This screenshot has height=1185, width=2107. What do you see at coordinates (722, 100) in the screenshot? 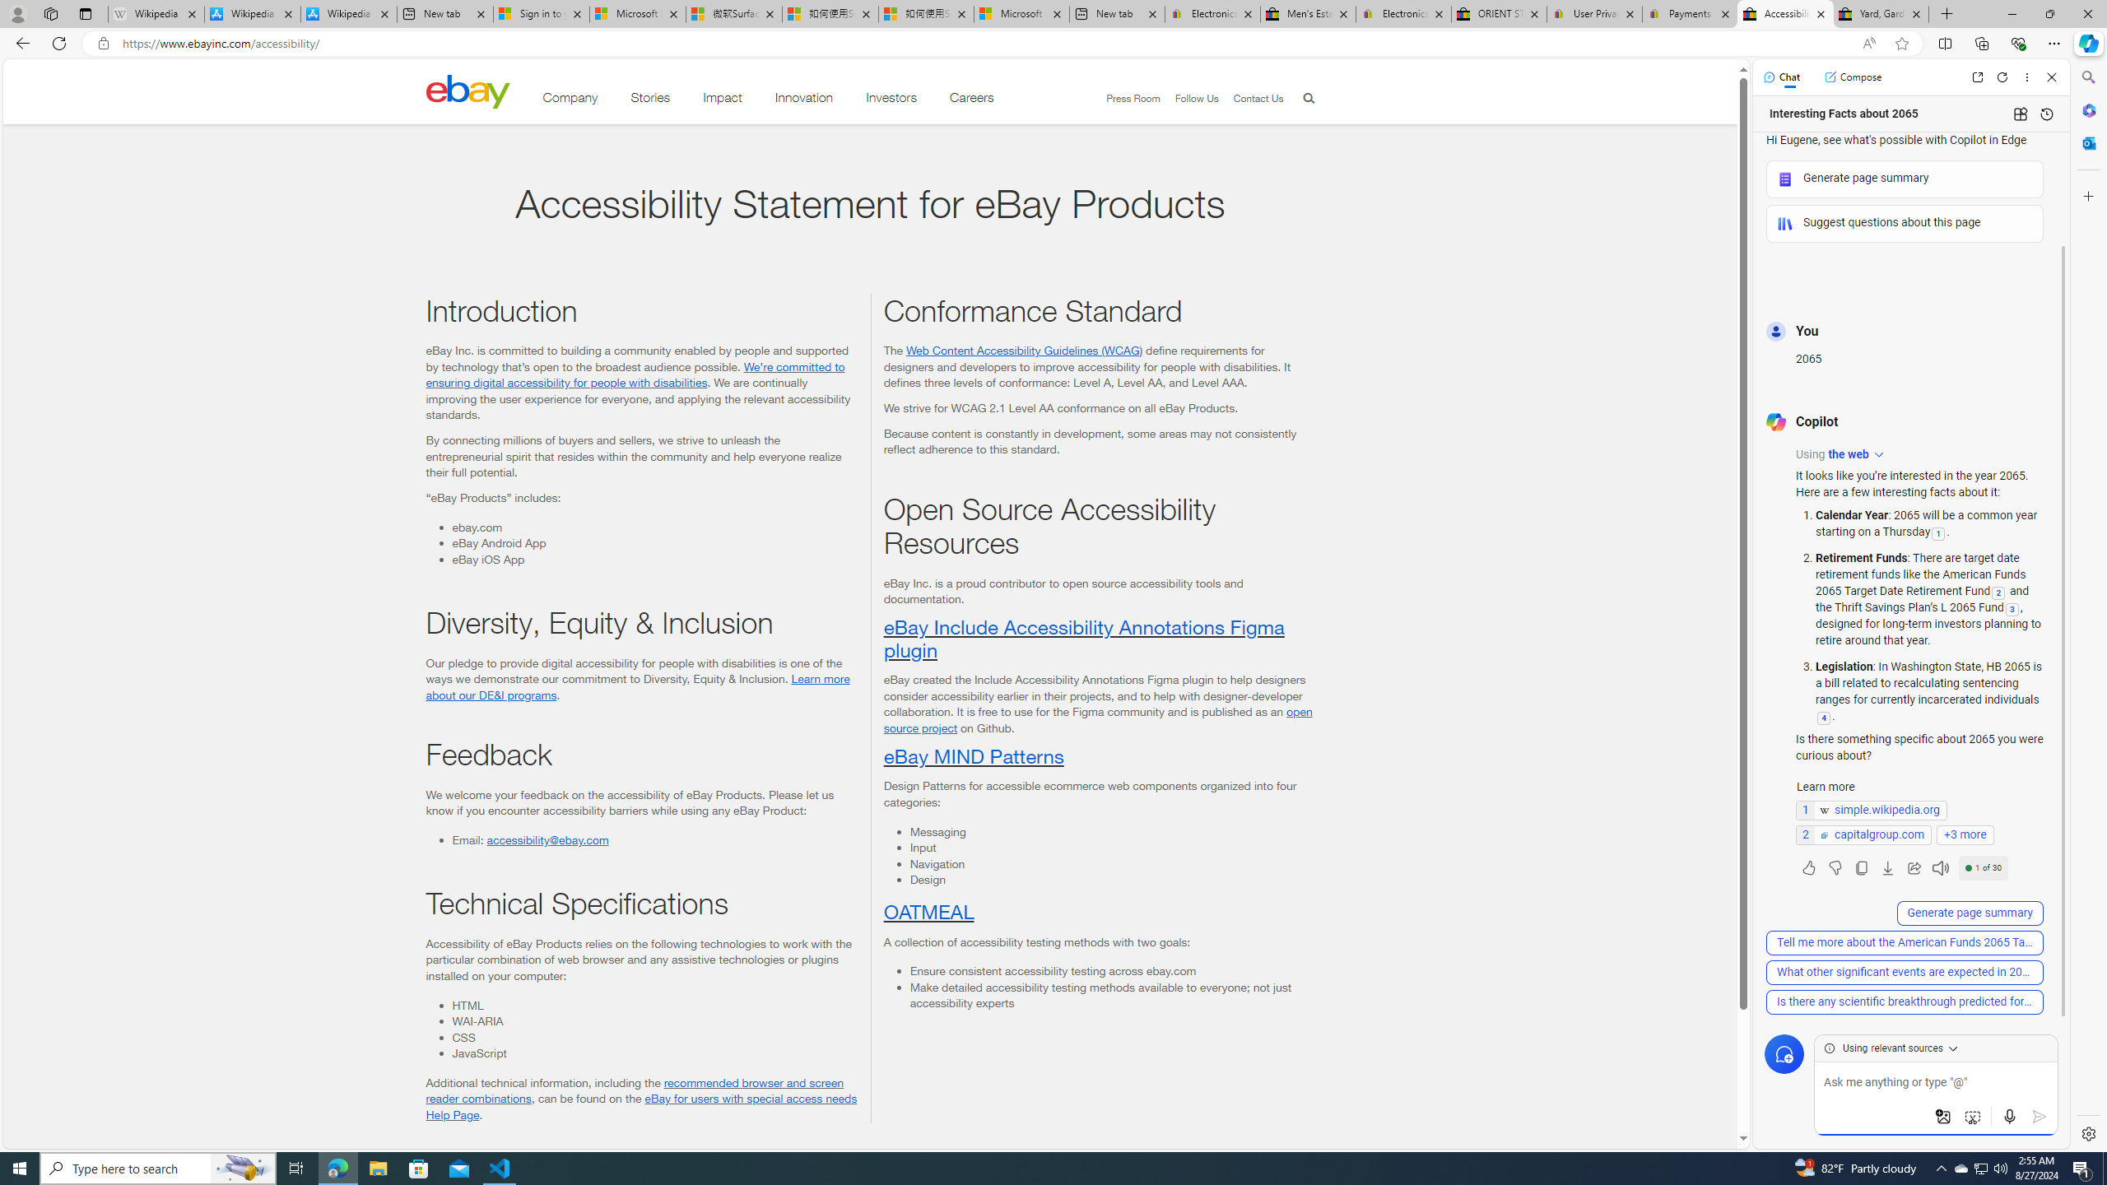
I see `'Impact'` at bounding box center [722, 100].